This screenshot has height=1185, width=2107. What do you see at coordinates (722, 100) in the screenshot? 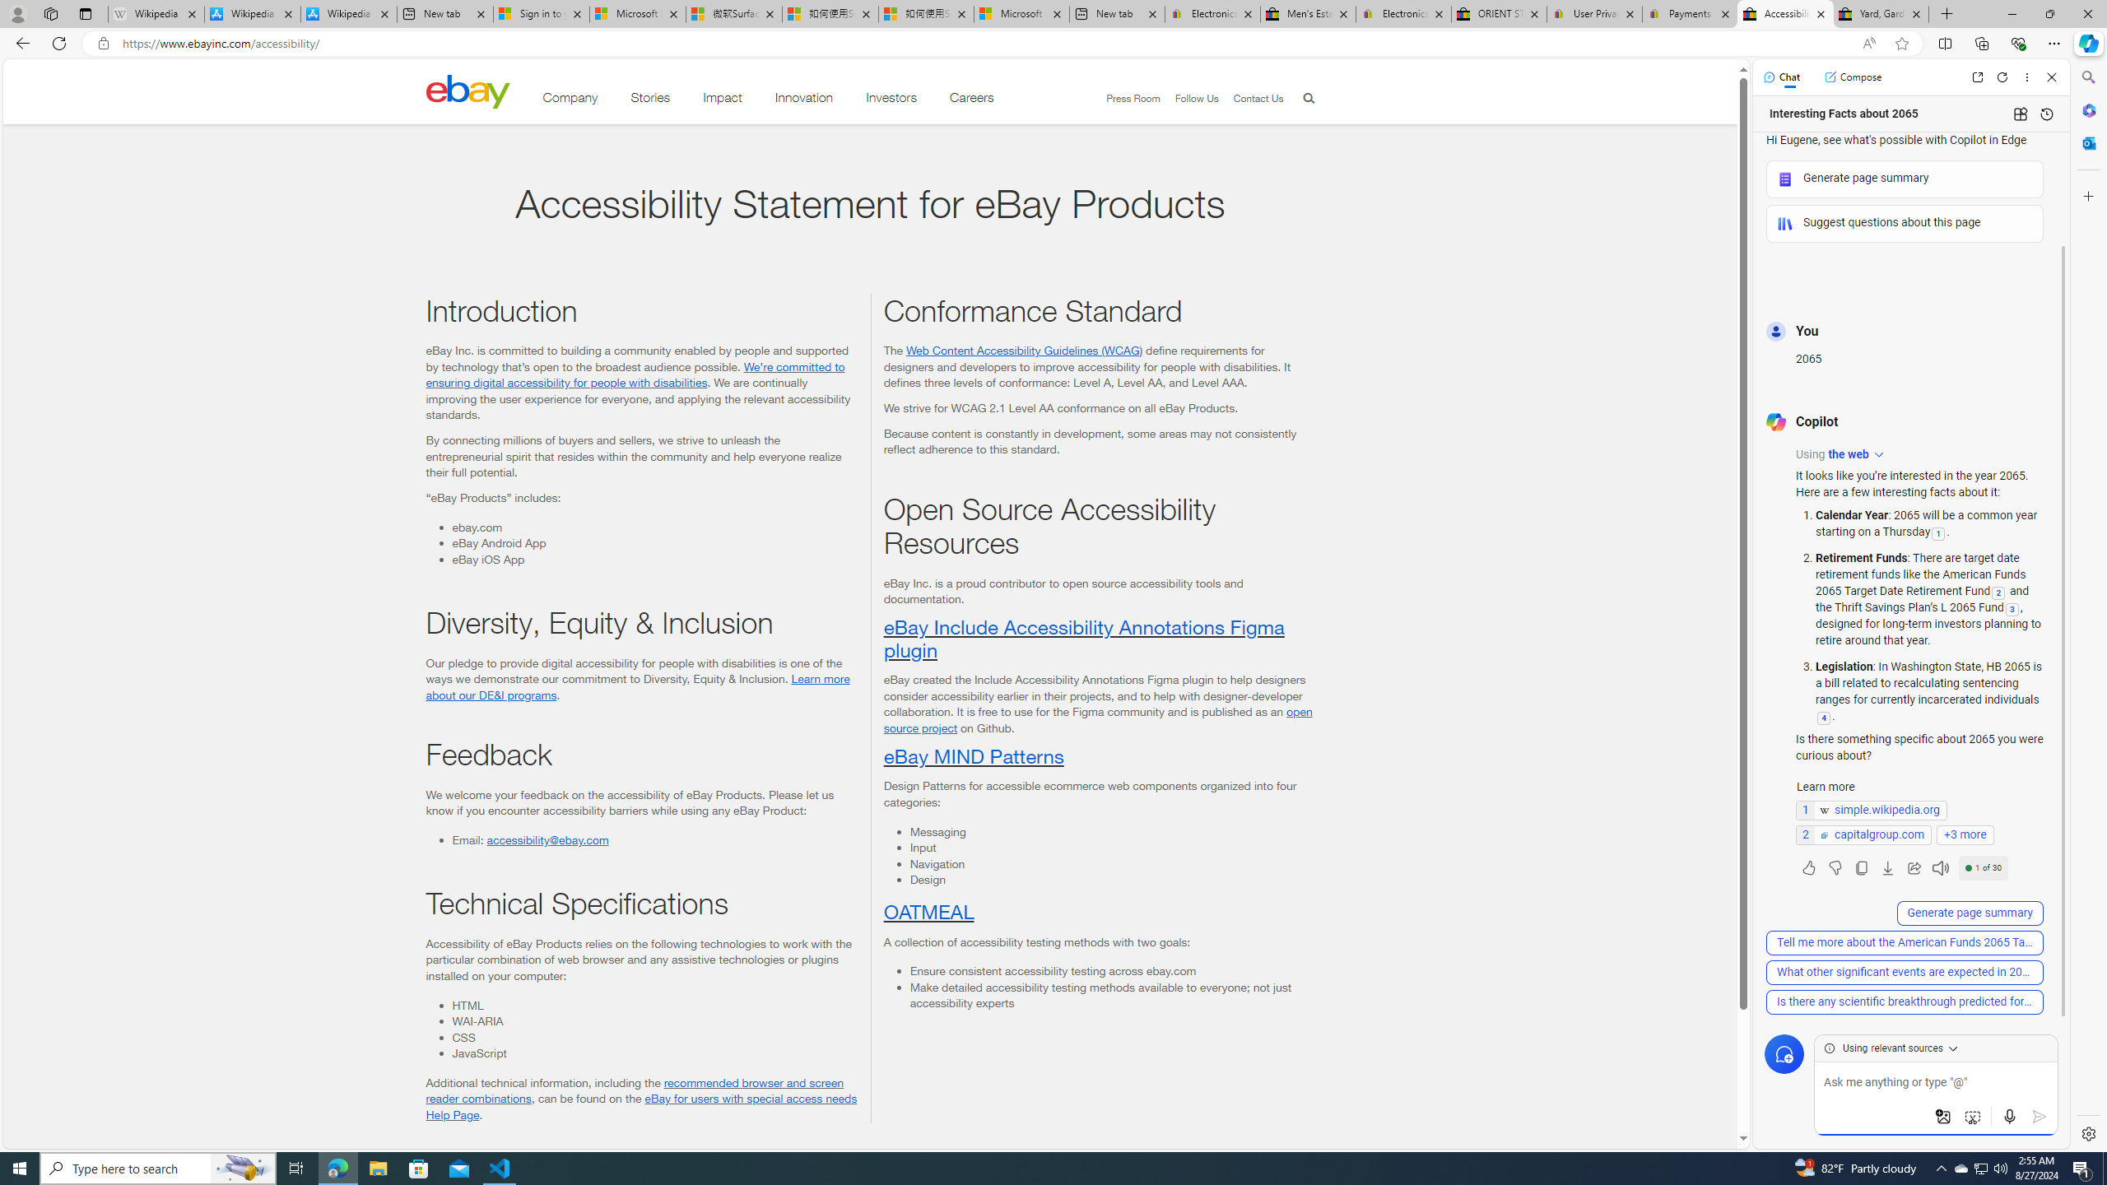
I see `'Impact'` at bounding box center [722, 100].